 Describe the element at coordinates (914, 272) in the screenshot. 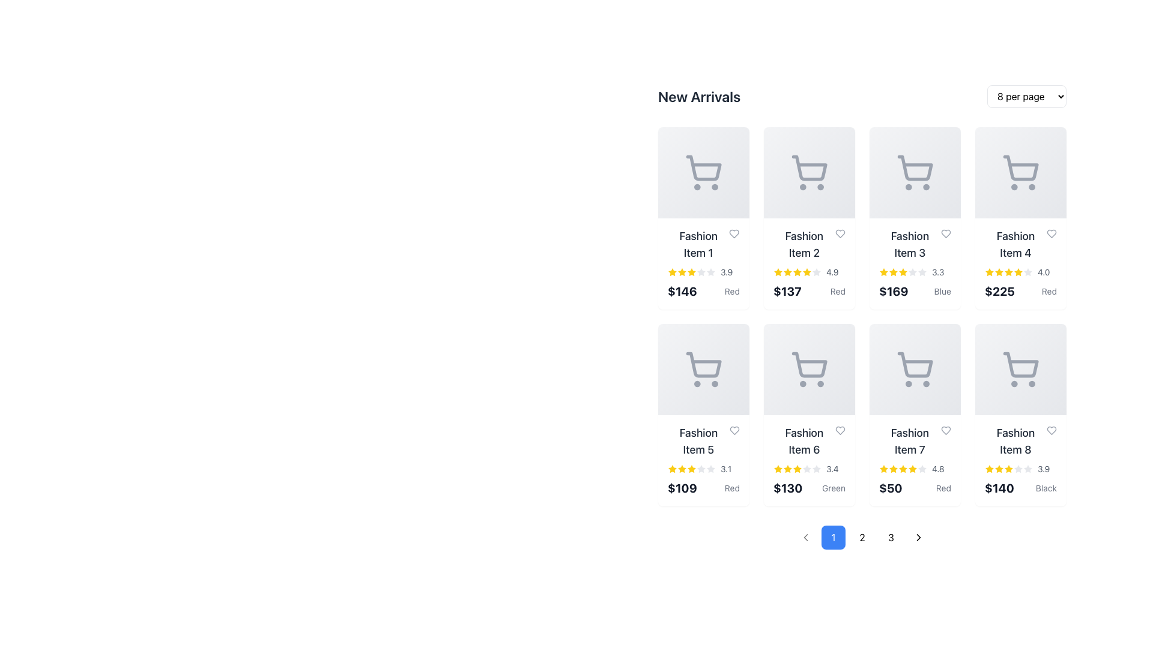

I see `the rating stars of the 'Fashion Item 3'` at that location.